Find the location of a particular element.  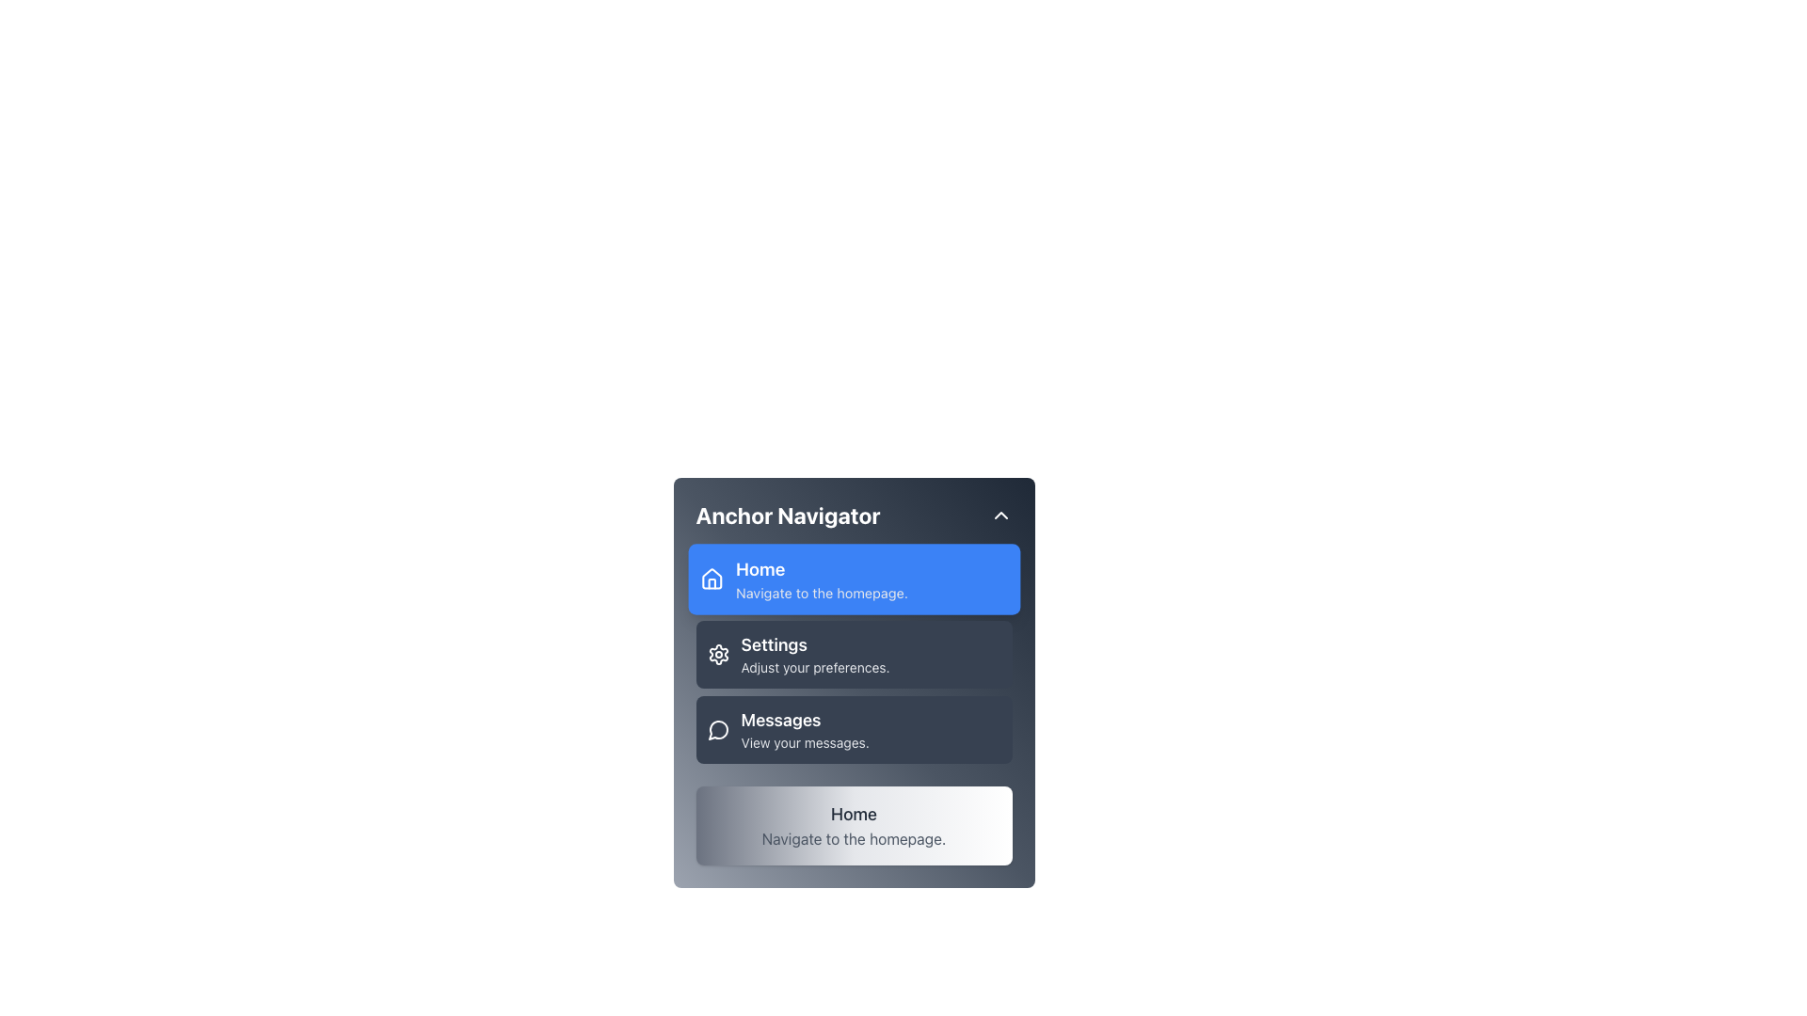

the 'Settings' button in the sidebar menu is located at coordinates (853, 653).